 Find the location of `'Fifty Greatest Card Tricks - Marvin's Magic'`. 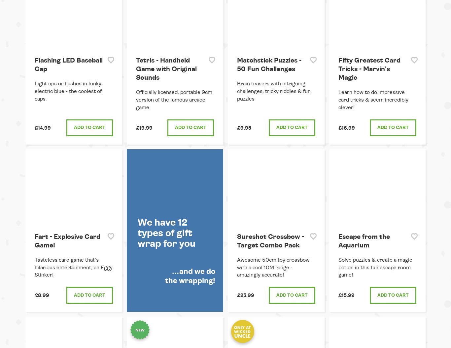

'Fifty Greatest Card Tricks - Marvin's Magic' is located at coordinates (368, 69).